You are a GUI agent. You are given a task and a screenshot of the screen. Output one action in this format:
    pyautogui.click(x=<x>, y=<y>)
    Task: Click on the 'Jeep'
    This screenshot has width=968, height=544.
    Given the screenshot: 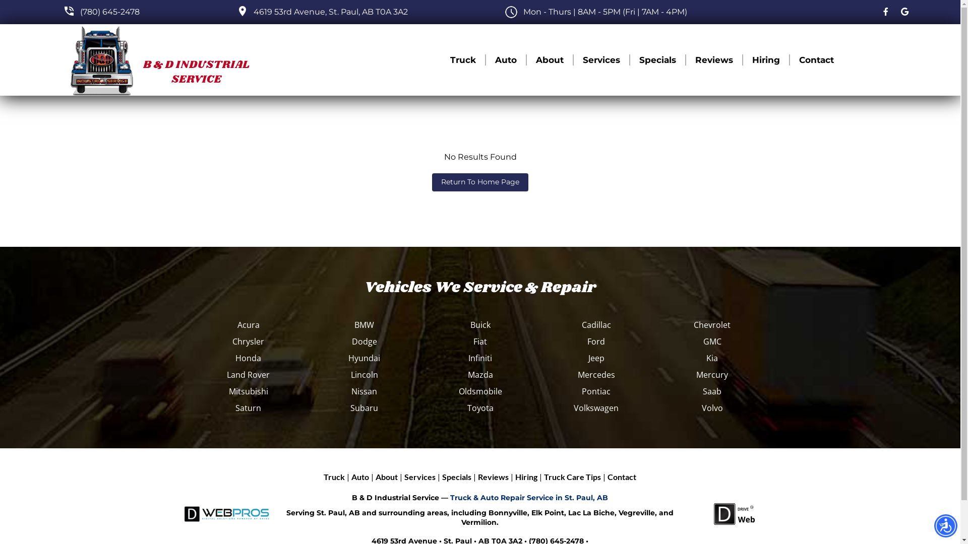 What is the action you would take?
    pyautogui.click(x=596, y=357)
    